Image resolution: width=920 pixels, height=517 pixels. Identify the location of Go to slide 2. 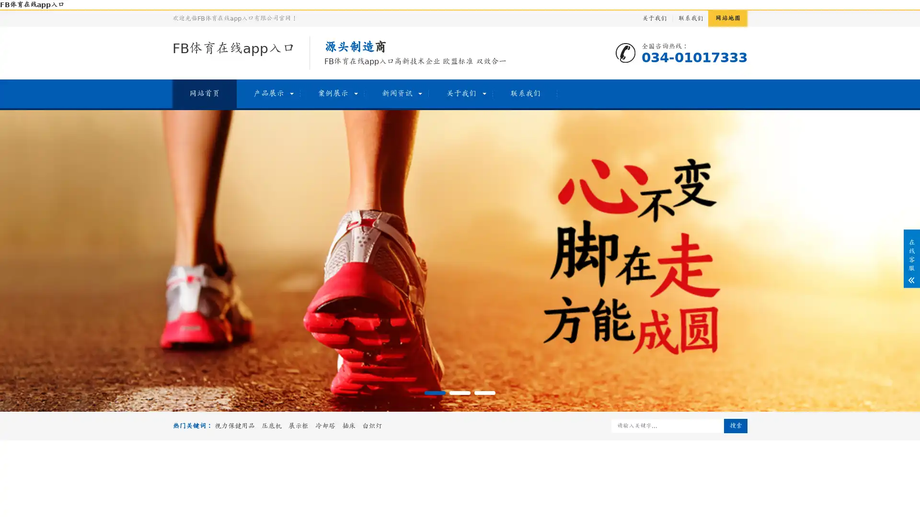
(460, 393).